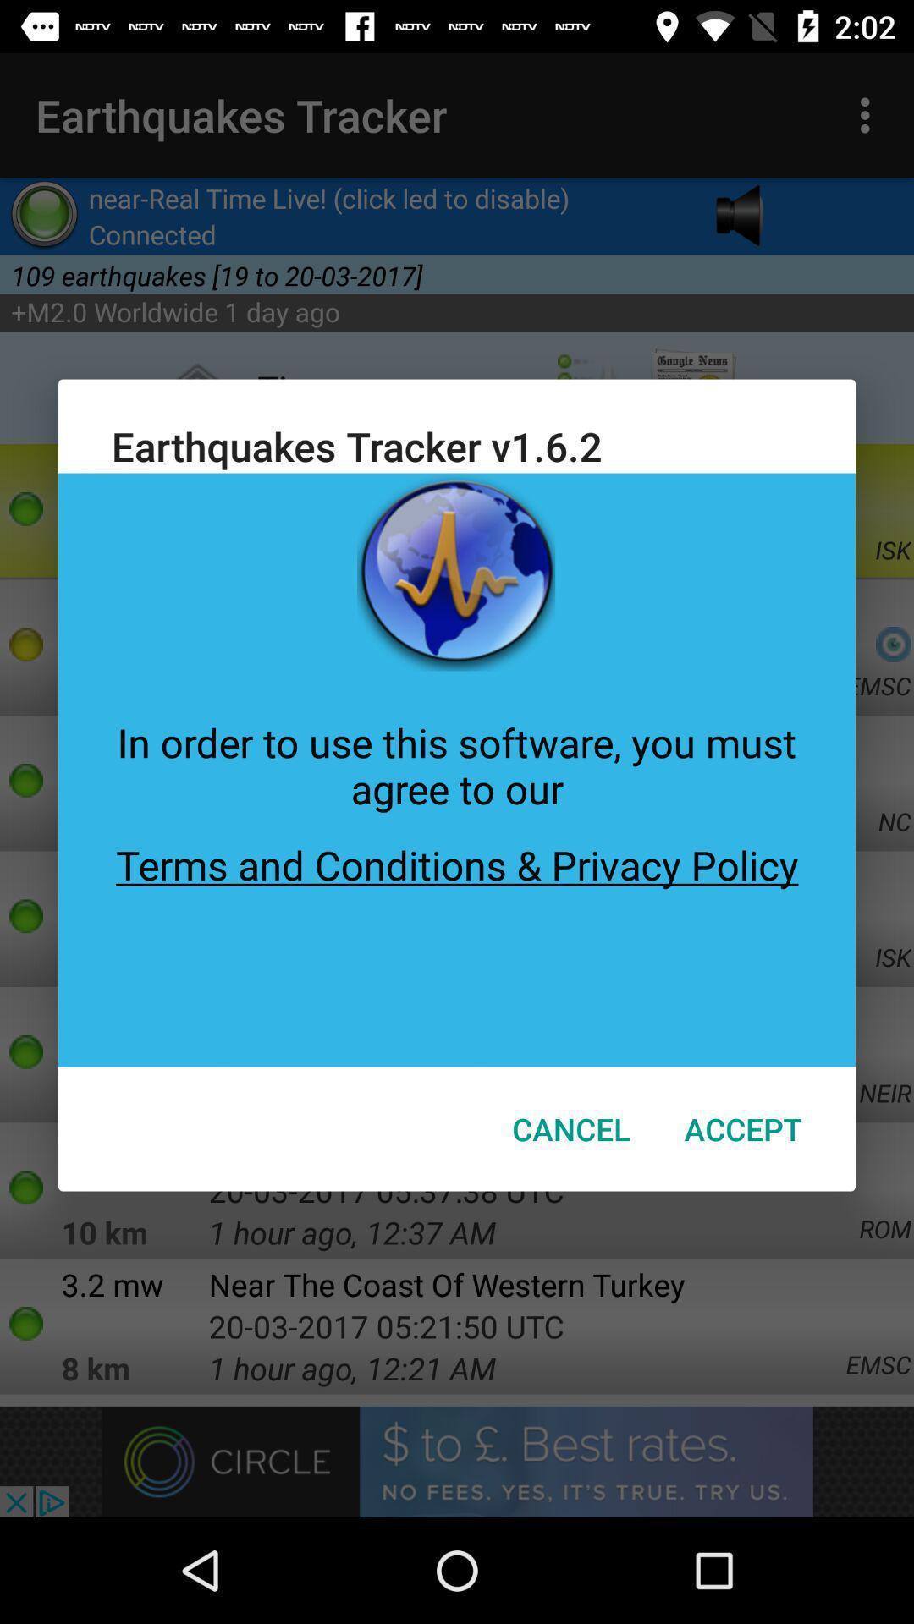  I want to click on the terms and conditions icon, so click(457, 941).